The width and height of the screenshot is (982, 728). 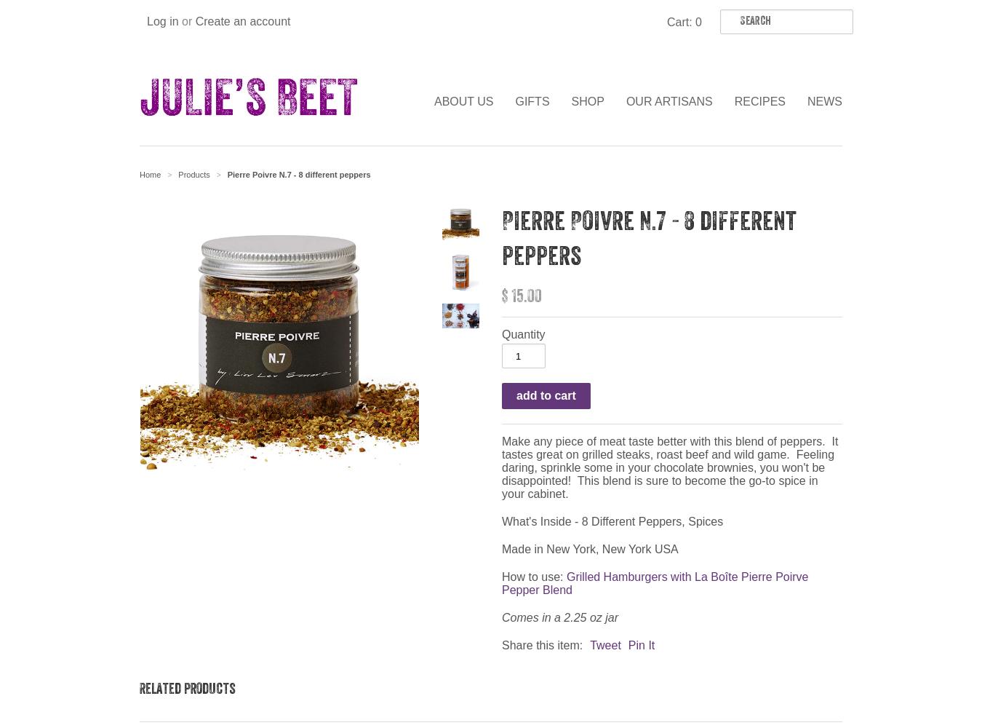 I want to click on 'Cart: 0', so click(x=683, y=22).